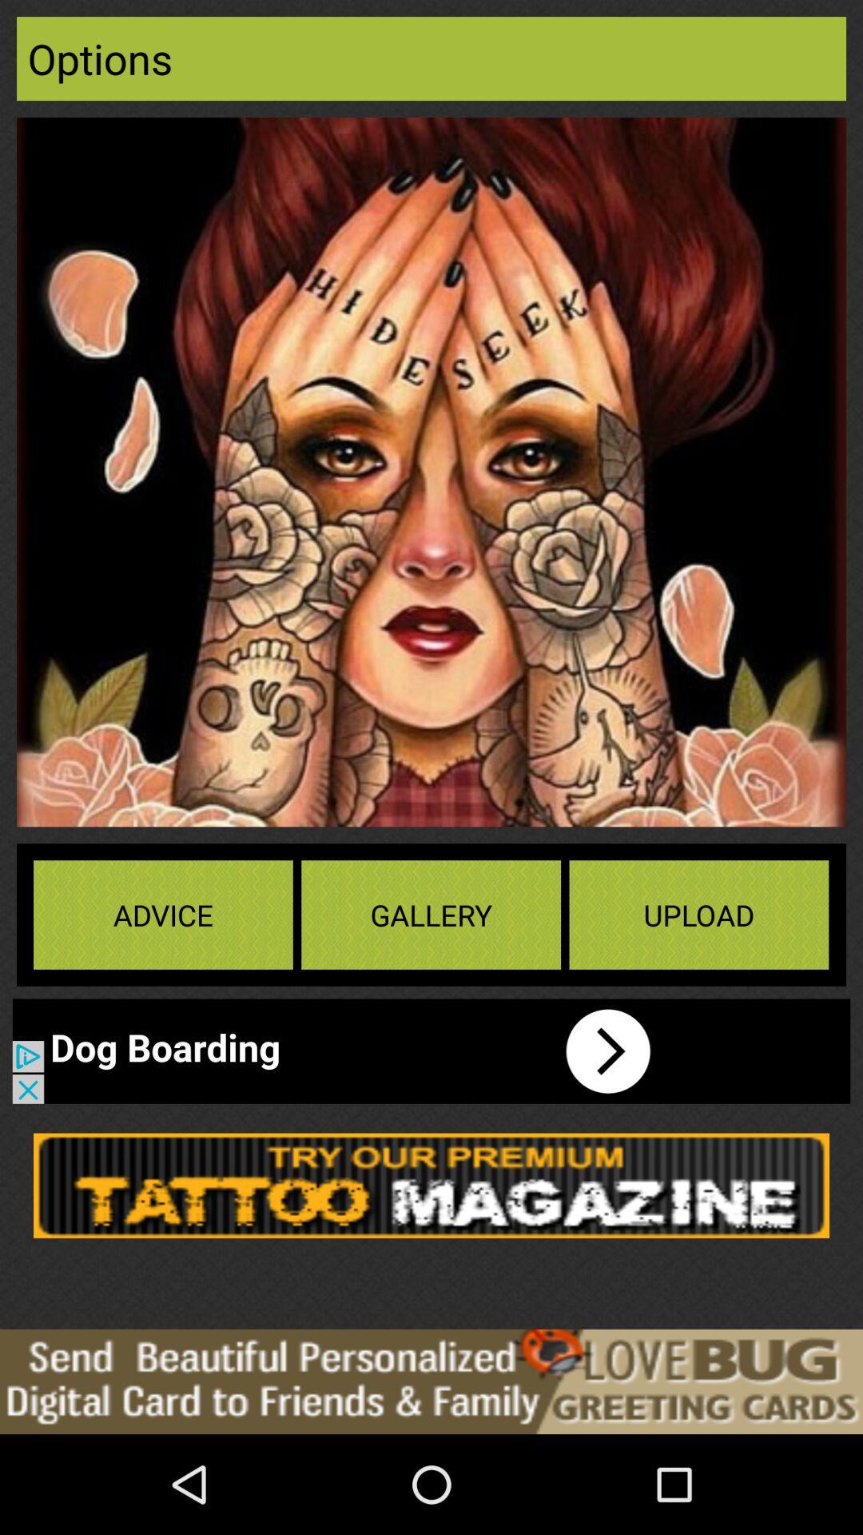 This screenshot has height=1535, width=863. Describe the element at coordinates (431, 1186) in the screenshot. I see `advertising` at that location.